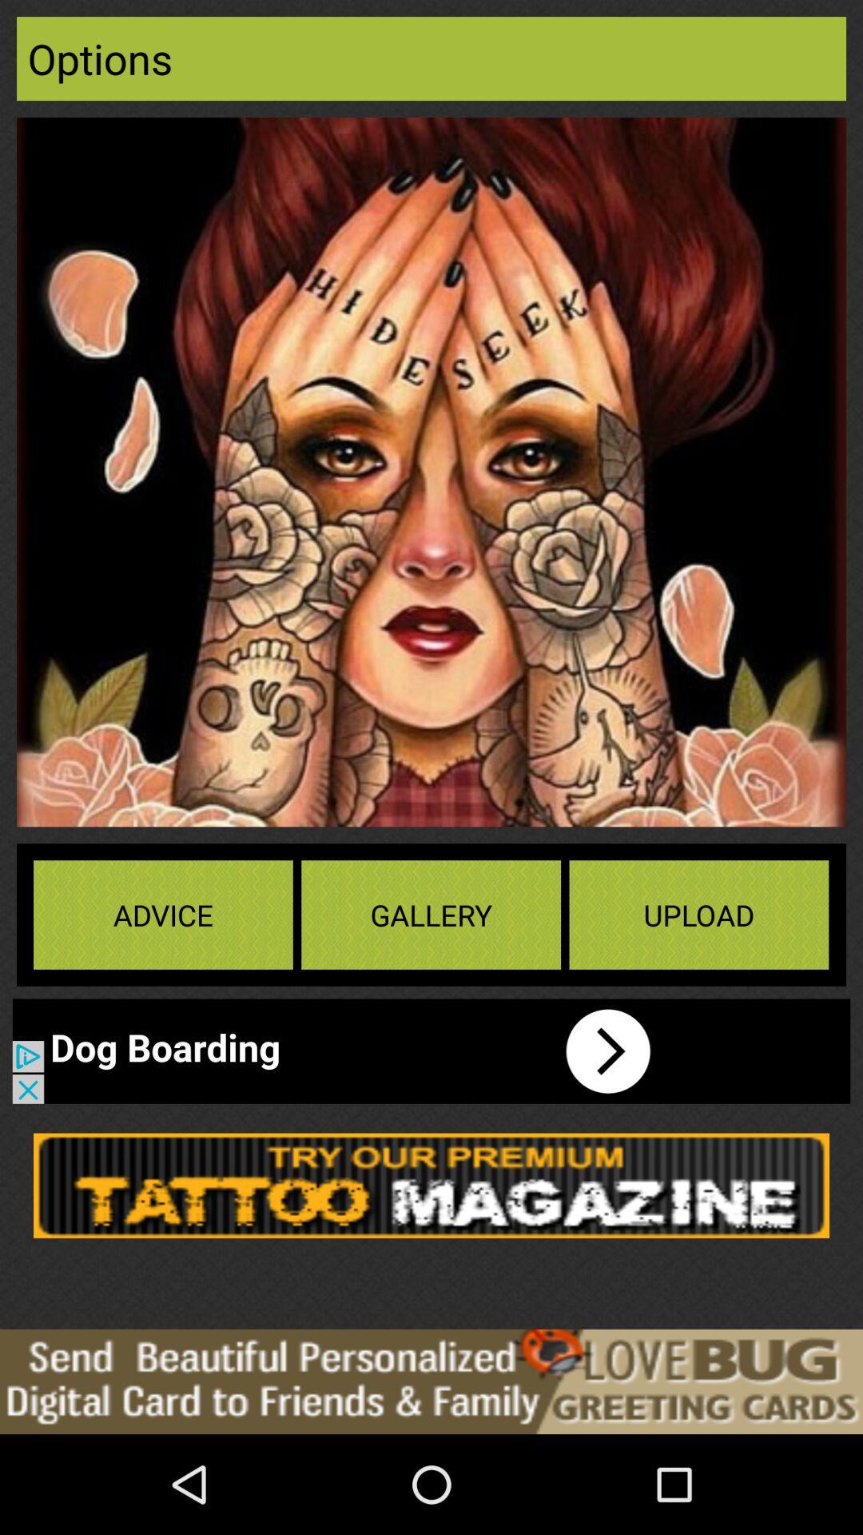 This screenshot has height=1535, width=863. Describe the element at coordinates (431, 1186) in the screenshot. I see `advertising` at that location.